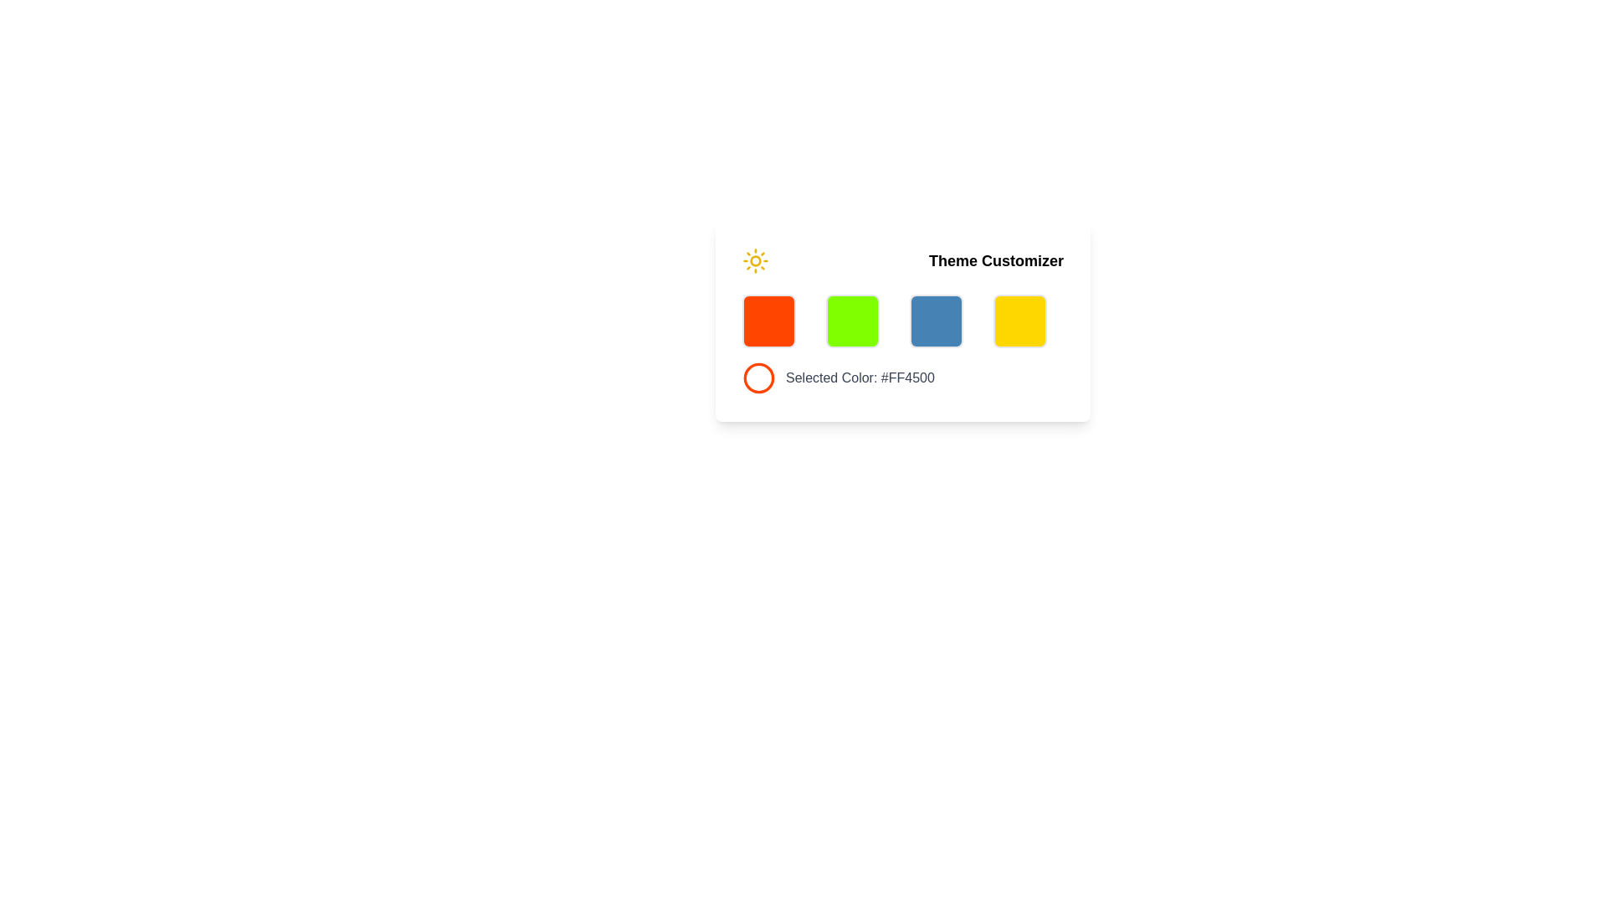 The height and width of the screenshot is (904, 1607). I want to click on the interactive panel titled 'Theme Customizer' which has a white background, rounded corners, and contains colorful selectable items, so click(902, 321).